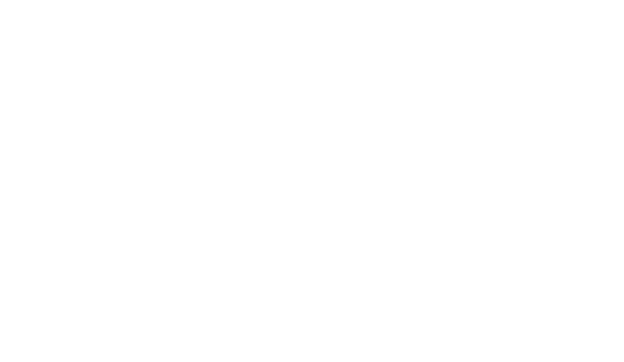 The width and height of the screenshot is (624, 362). I want to click on 'Tunisie', so click(149, 206).